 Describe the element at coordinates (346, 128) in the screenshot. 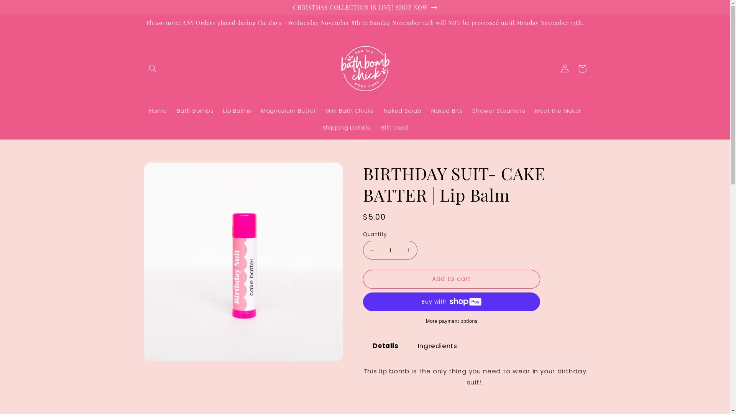

I see `'Shipping Details'` at that location.